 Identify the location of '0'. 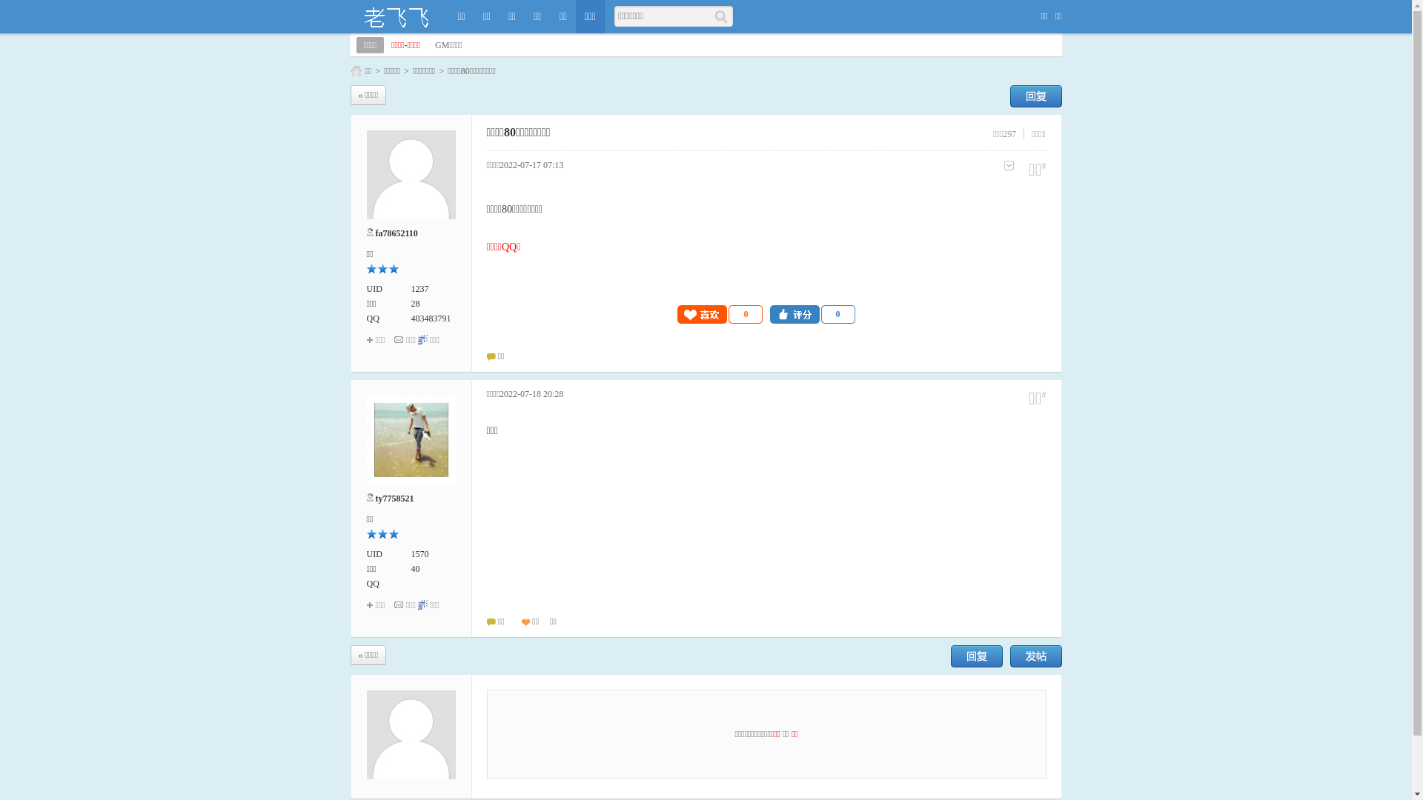
(720, 313).